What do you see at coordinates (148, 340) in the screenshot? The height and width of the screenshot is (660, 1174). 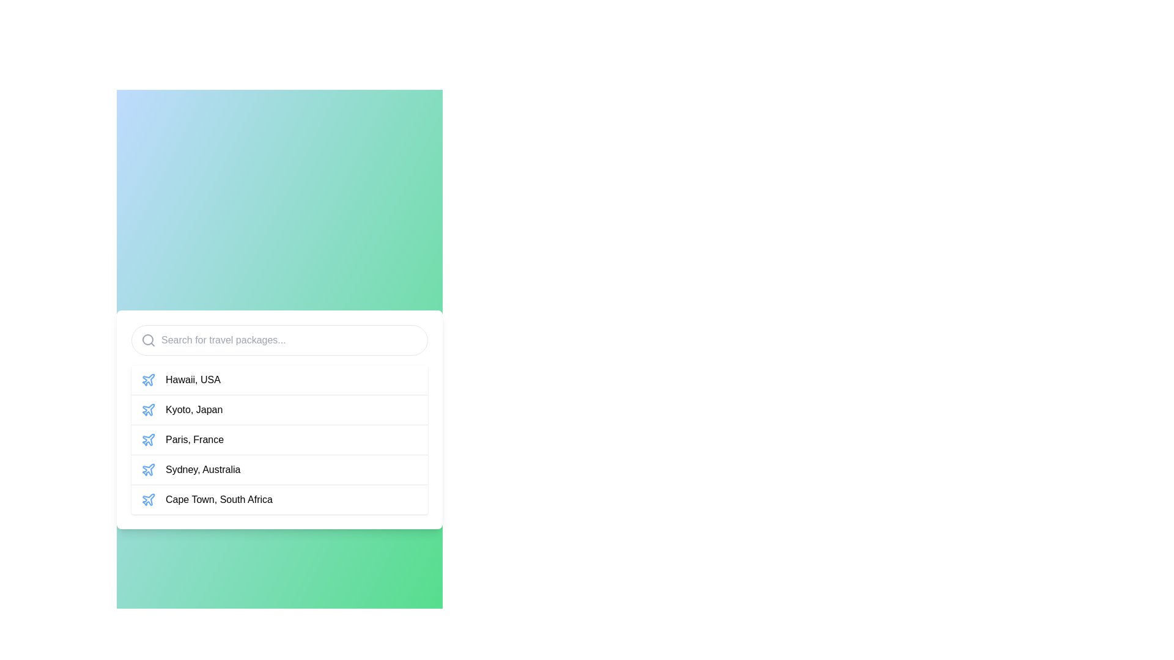 I see `the small gray magnifying glass icon representing the search function, located to the left of the placeholder text in the search input box` at bounding box center [148, 340].